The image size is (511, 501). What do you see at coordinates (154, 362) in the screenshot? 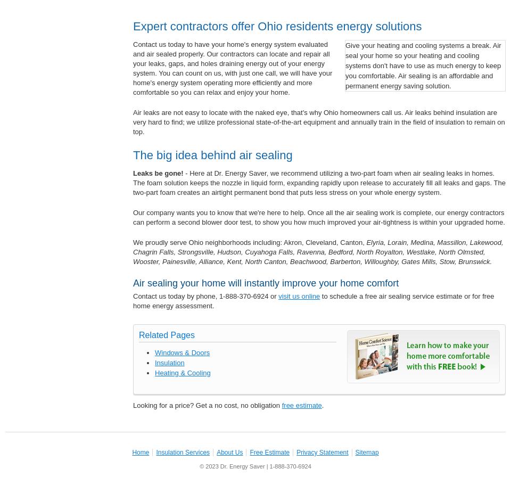
I see `'Insulation'` at bounding box center [154, 362].